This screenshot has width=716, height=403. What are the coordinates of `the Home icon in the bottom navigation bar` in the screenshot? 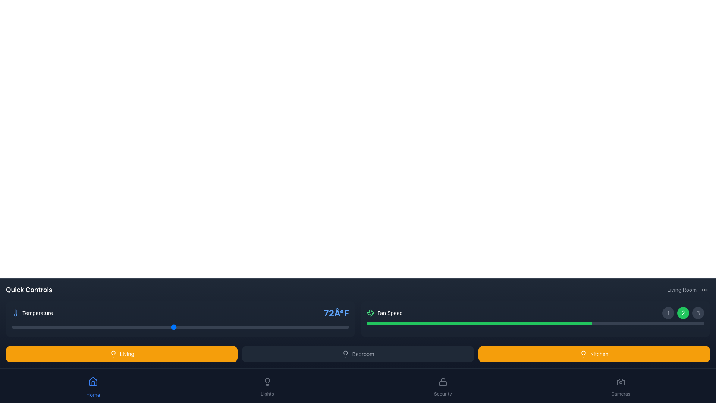 It's located at (92, 381).